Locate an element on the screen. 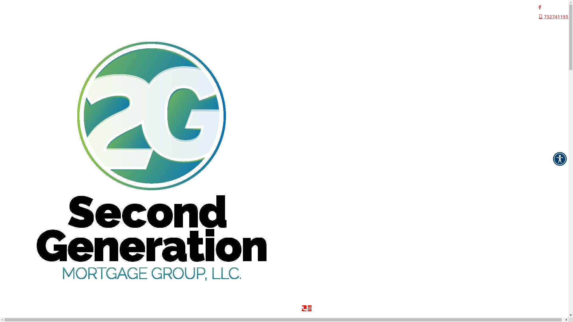 Image resolution: width=573 pixels, height=322 pixels. '7327411933' is located at coordinates (554, 16).